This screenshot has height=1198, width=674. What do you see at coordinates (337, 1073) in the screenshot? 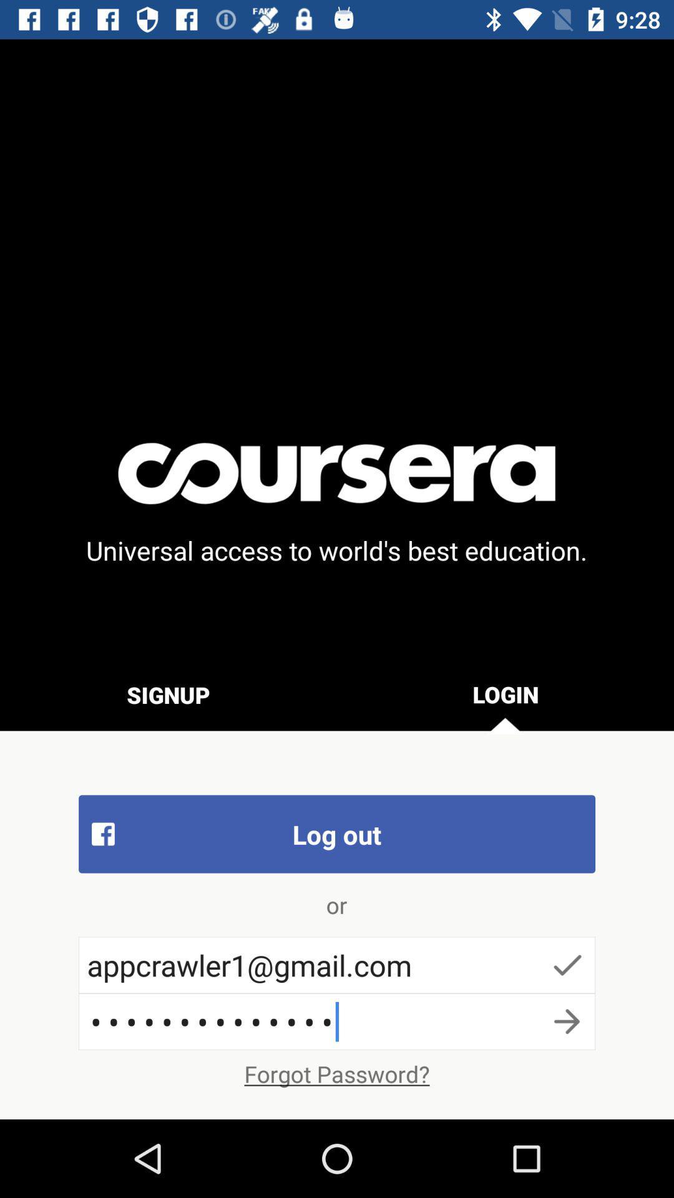
I see `the icon below the appcrawler3116` at bounding box center [337, 1073].